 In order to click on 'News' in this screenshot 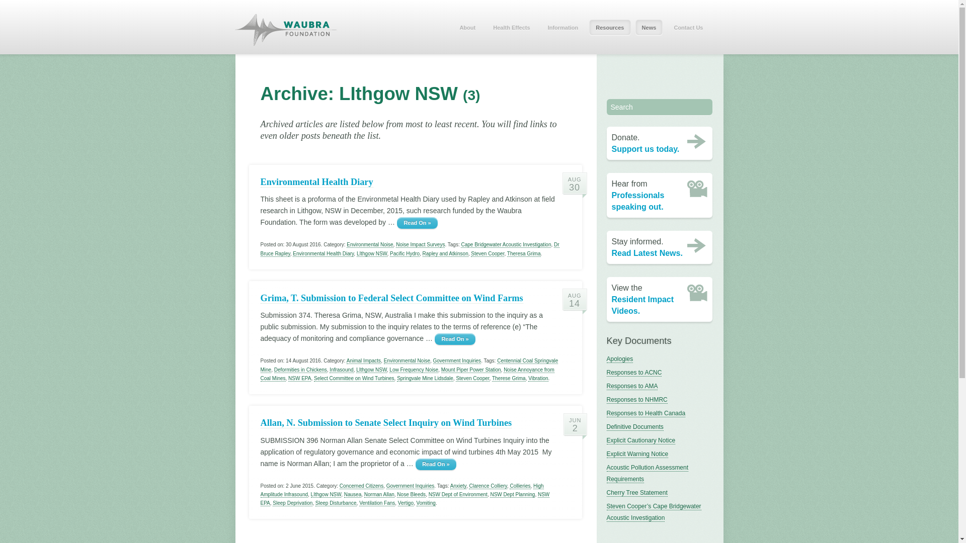, I will do `click(649, 27)`.